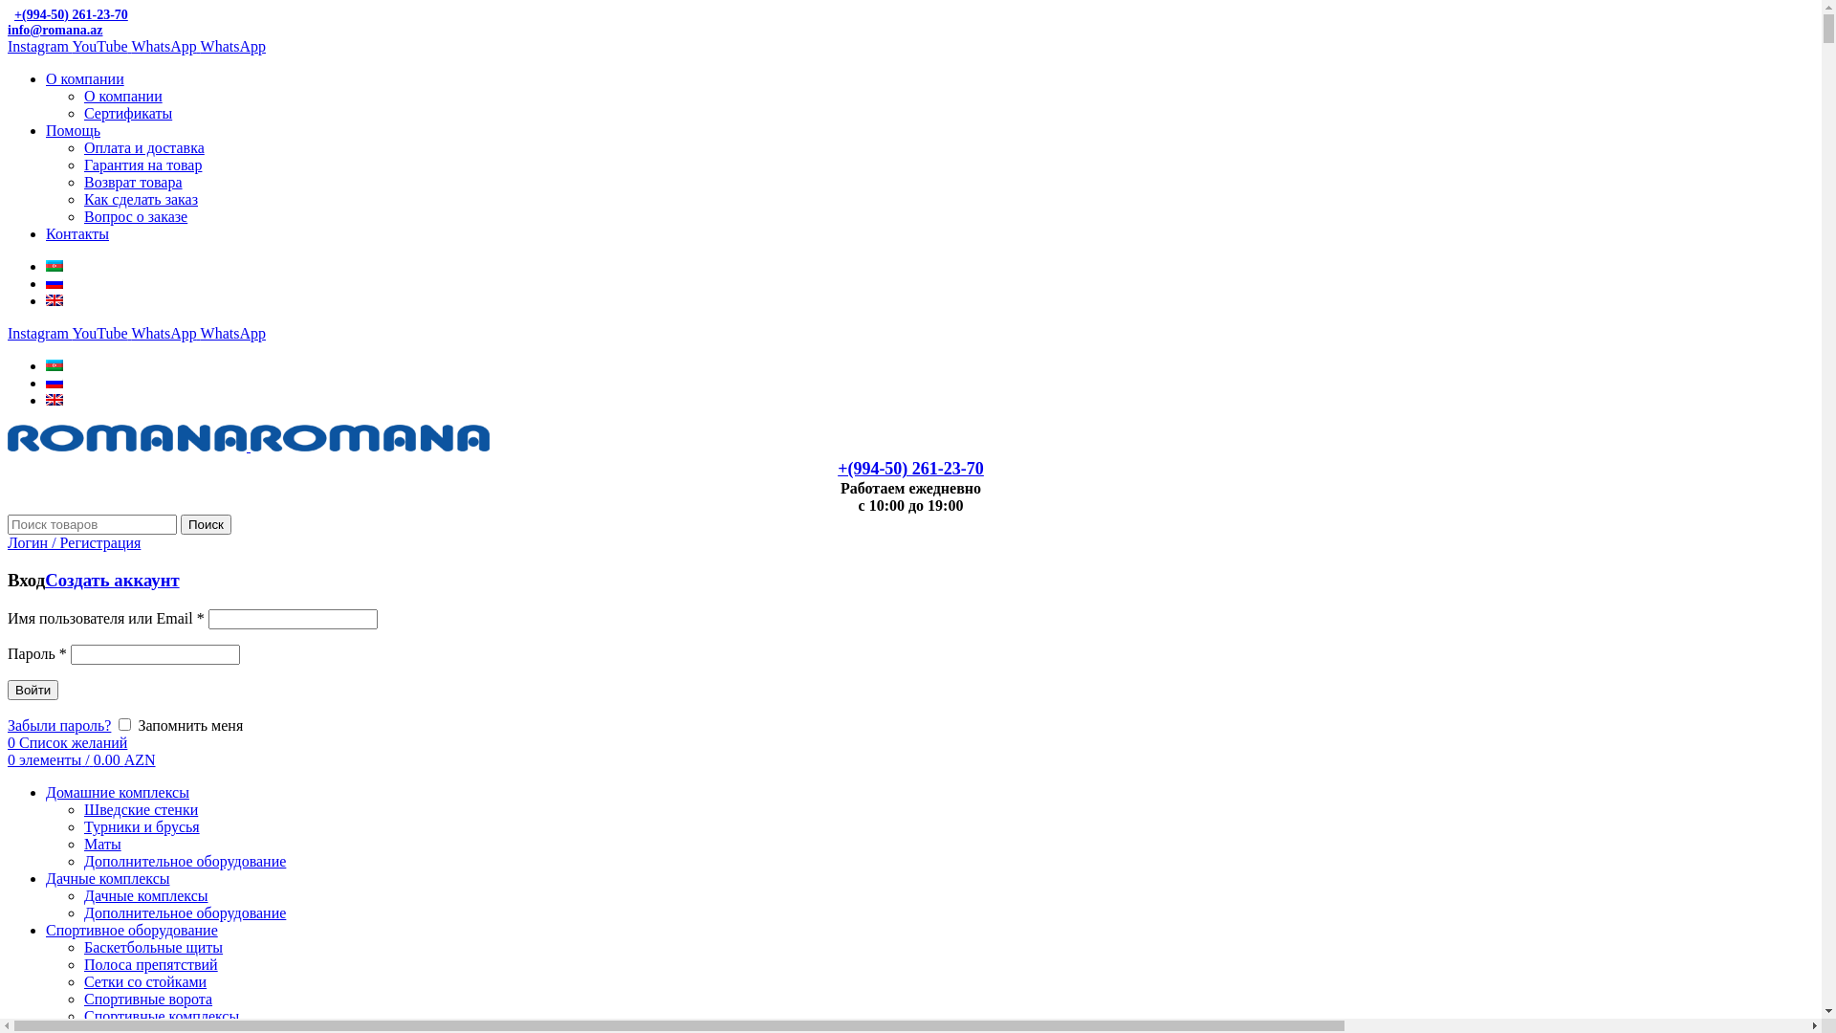  What do you see at coordinates (99, 45) in the screenshot?
I see `'YouTube'` at bounding box center [99, 45].